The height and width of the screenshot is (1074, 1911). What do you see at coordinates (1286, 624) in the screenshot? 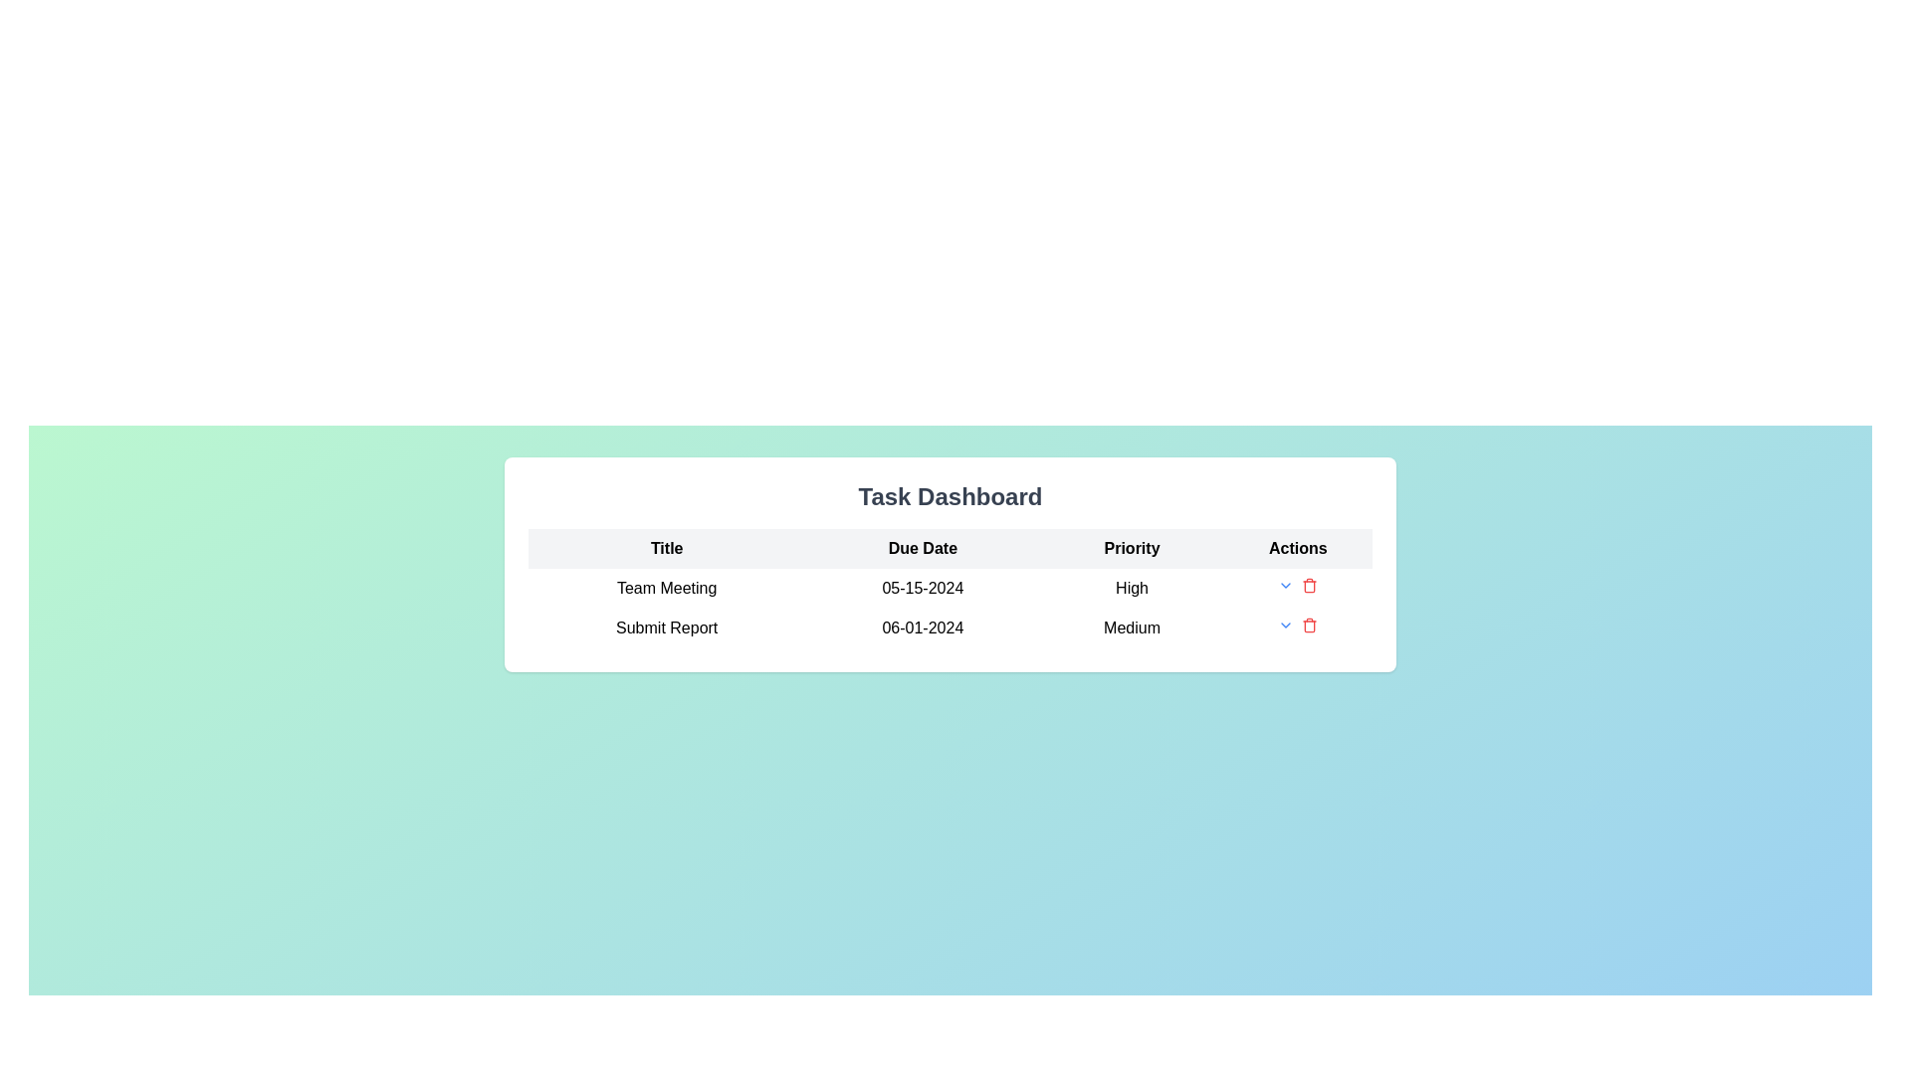
I see `the Chevron Down icon in the Actions column of the first row of the table` at bounding box center [1286, 624].